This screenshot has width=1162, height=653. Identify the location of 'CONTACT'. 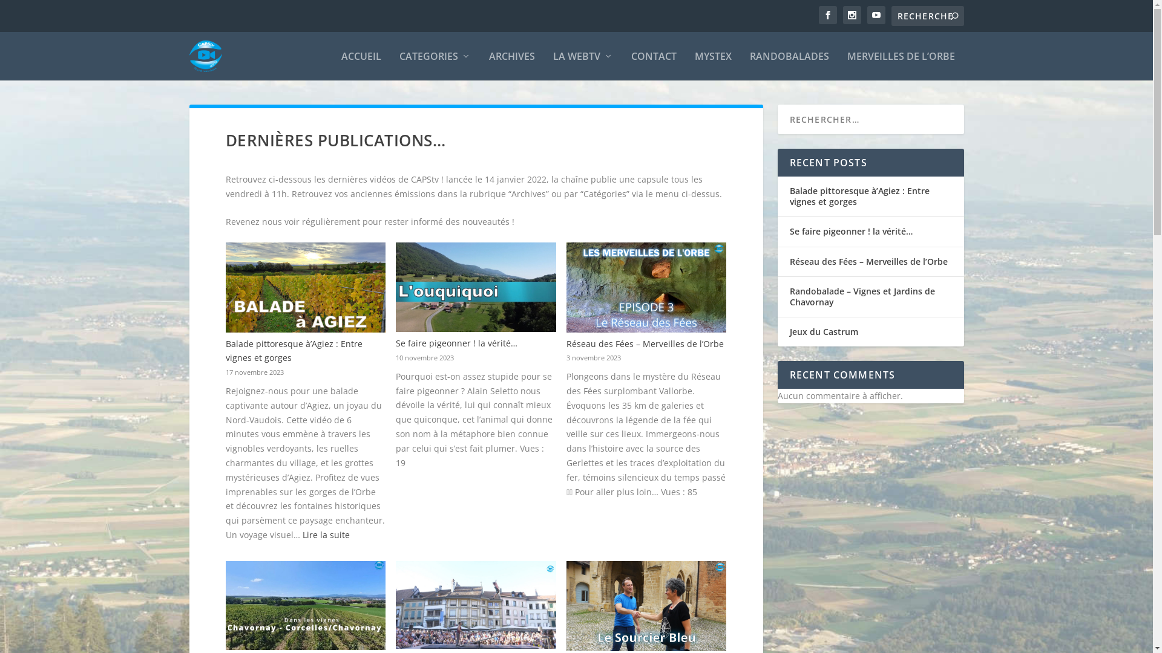
(652, 65).